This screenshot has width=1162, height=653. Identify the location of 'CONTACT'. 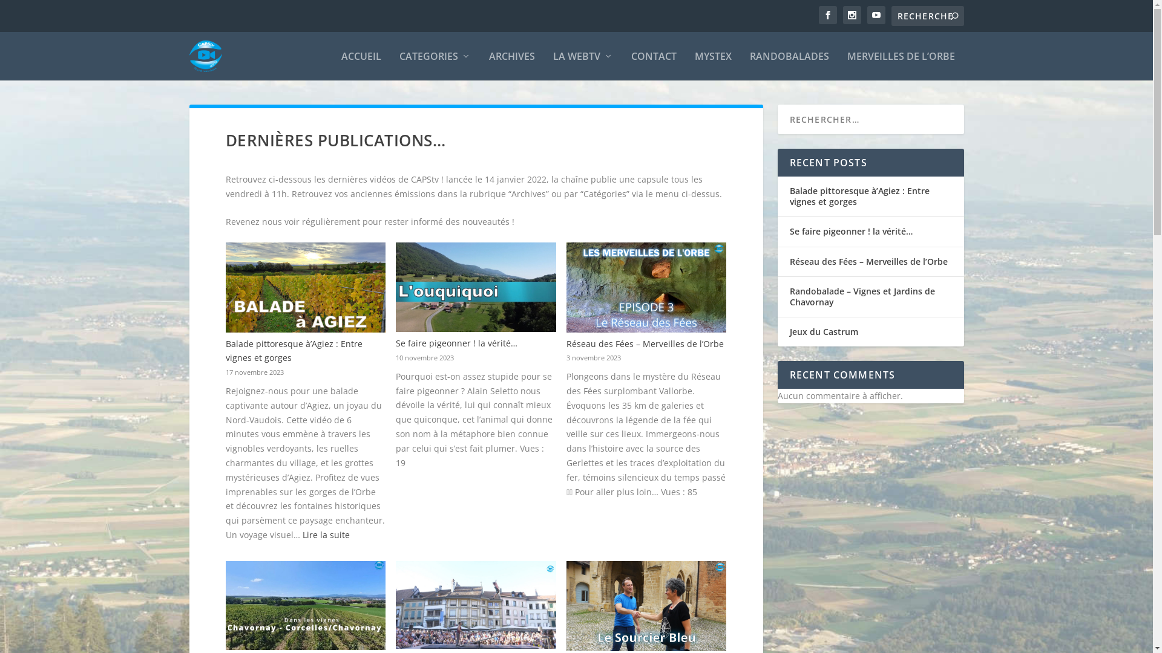
(652, 65).